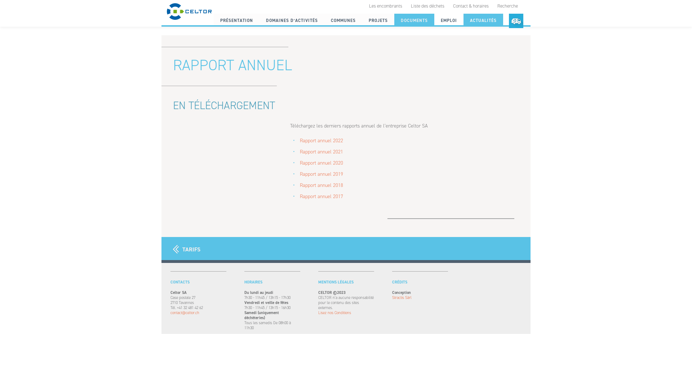 The image size is (692, 389). What do you see at coordinates (378, 20) in the screenshot?
I see `'PROJETS'` at bounding box center [378, 20].